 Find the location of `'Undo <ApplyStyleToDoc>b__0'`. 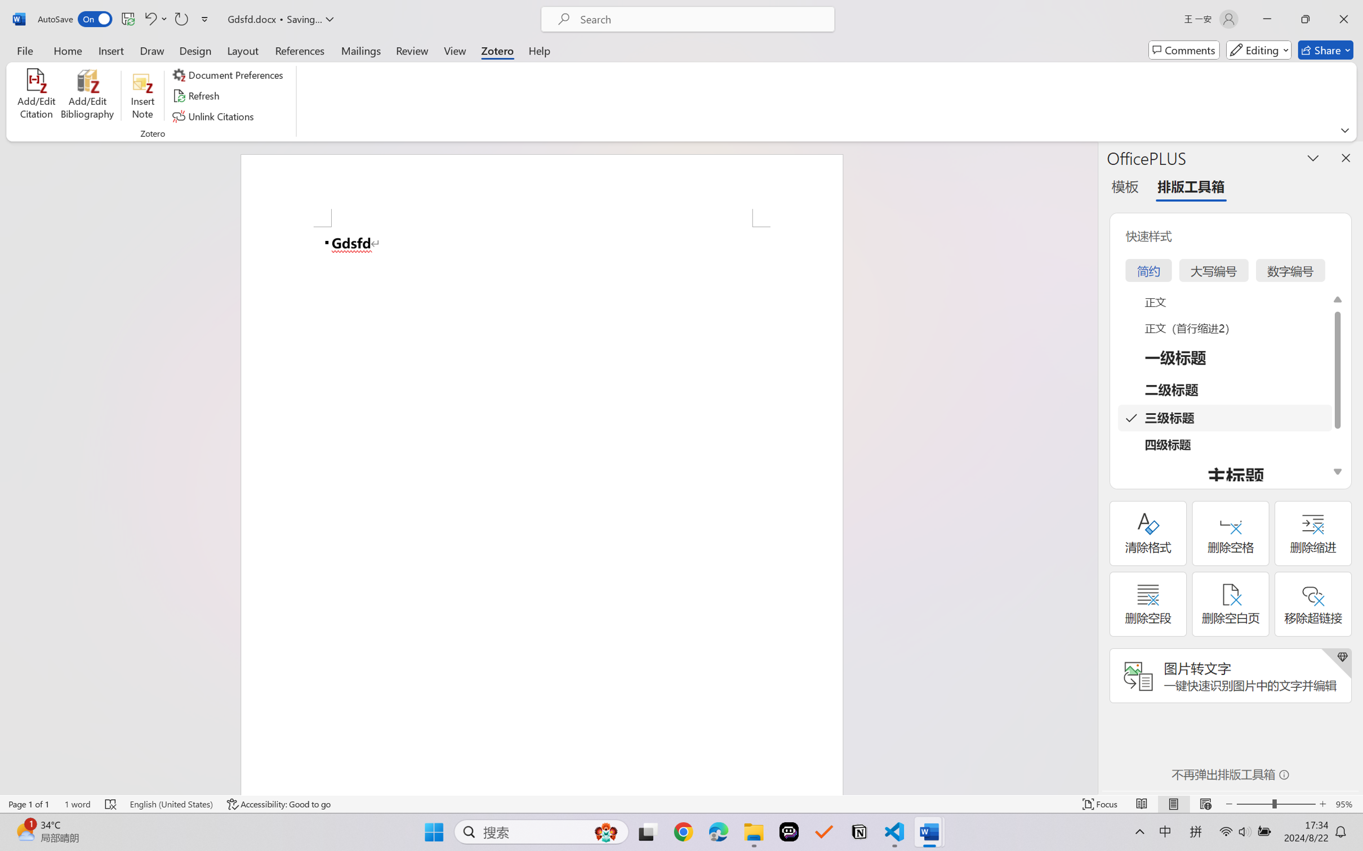

'Undo <ApplyStyleToDoc>b__0' is located at coordinates (154, 19).